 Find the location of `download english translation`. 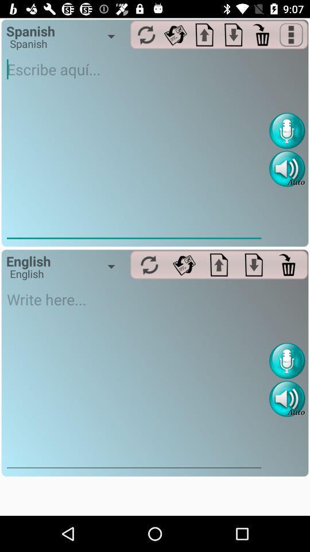

download english translation is located at coordinates (254, 264).